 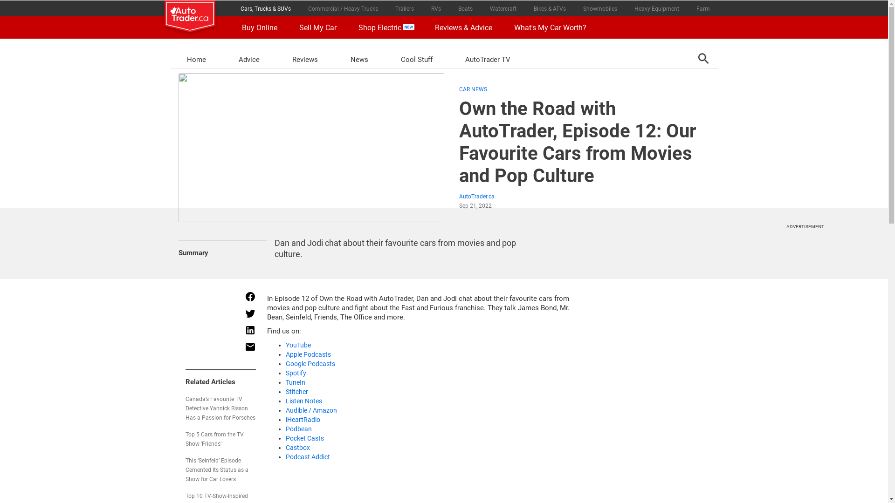 I want to click on 'Home', so click(x=196, y=59).